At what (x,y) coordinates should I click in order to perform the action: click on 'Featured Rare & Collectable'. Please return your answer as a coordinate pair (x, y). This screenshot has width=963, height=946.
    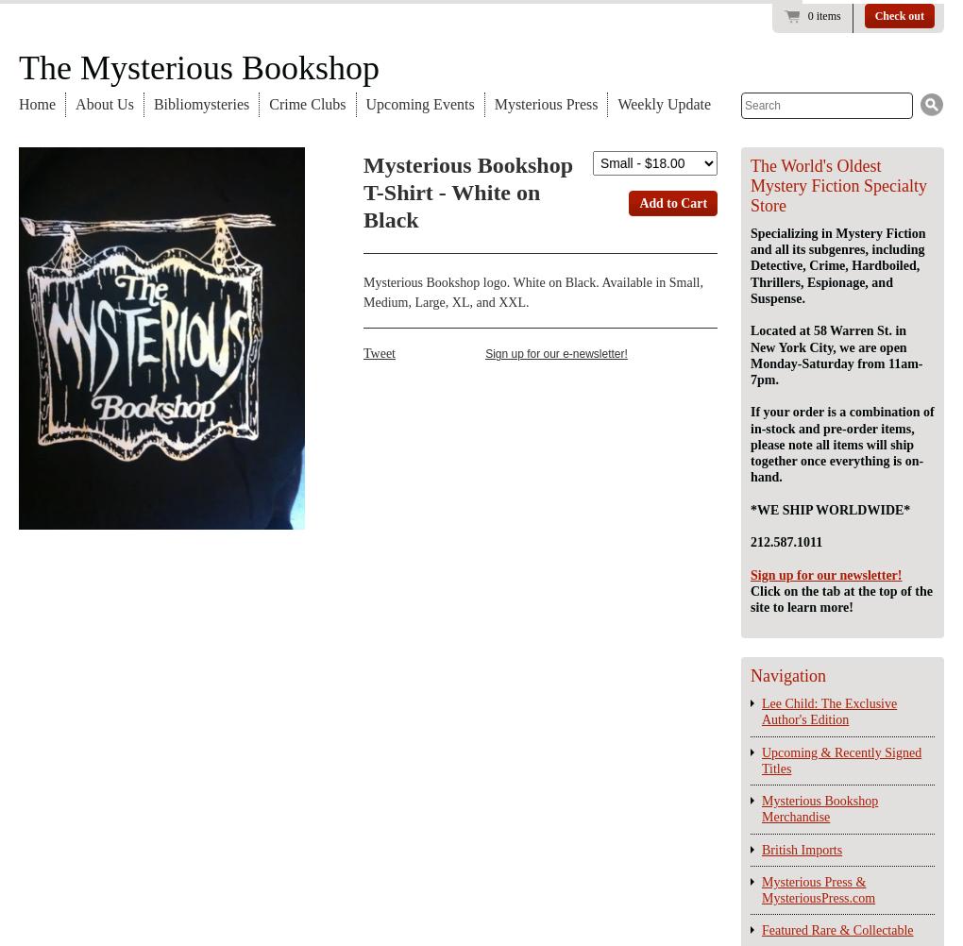
    Looking at the image, I should click on (836, 929).